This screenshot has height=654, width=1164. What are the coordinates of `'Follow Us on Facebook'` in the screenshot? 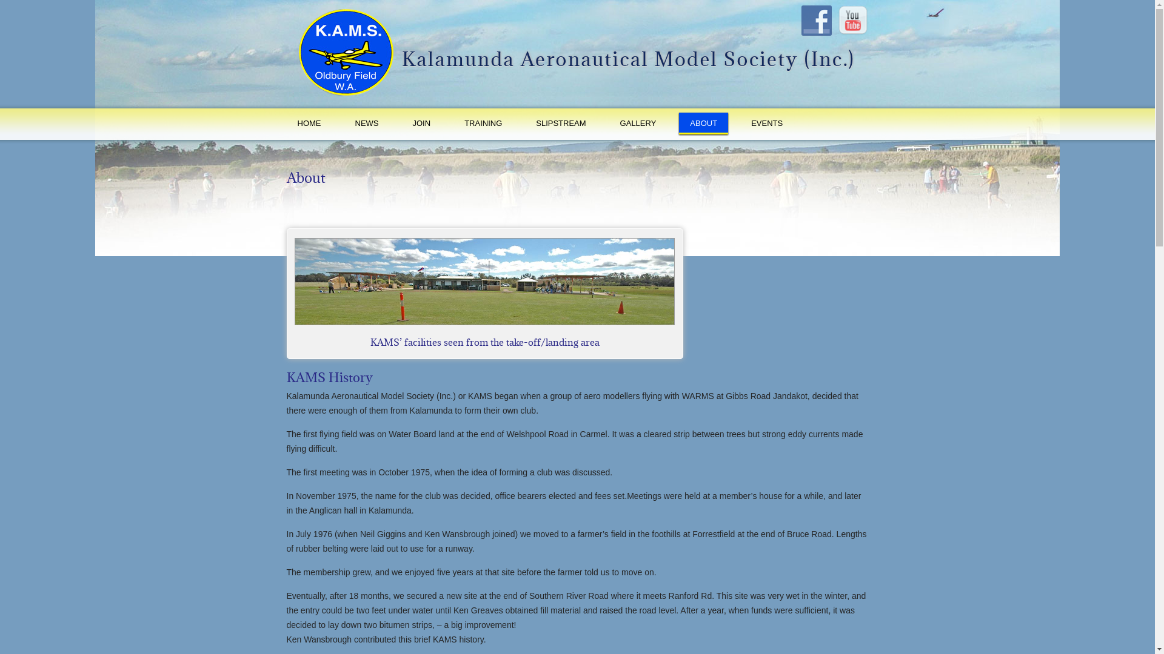 It's located at (817, 21).